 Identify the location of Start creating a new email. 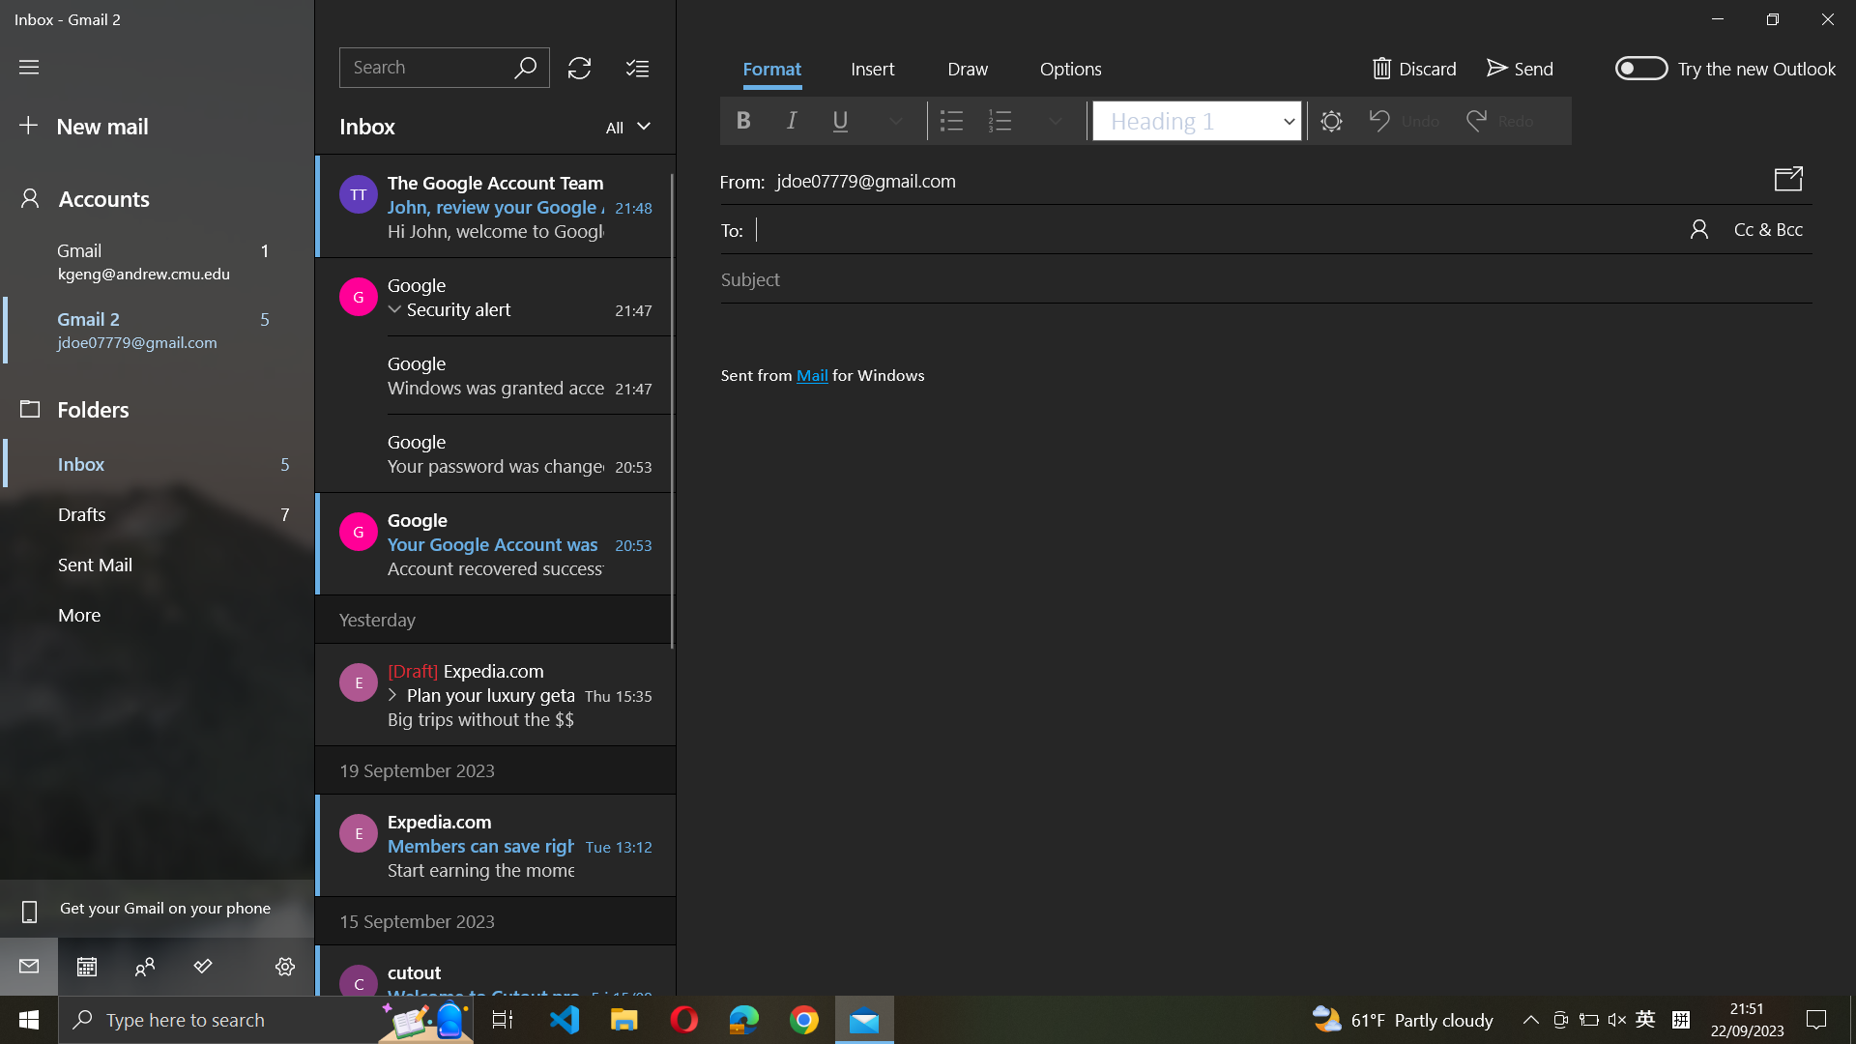
(159, 127).